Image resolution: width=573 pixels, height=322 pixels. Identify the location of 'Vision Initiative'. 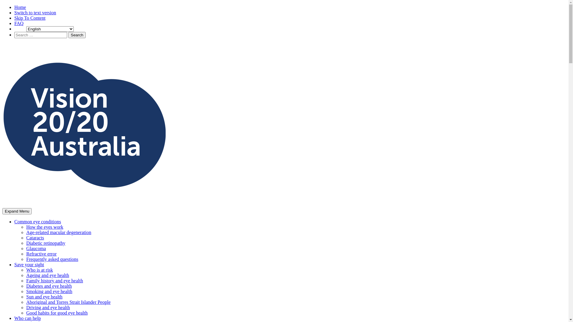
(18, 215).